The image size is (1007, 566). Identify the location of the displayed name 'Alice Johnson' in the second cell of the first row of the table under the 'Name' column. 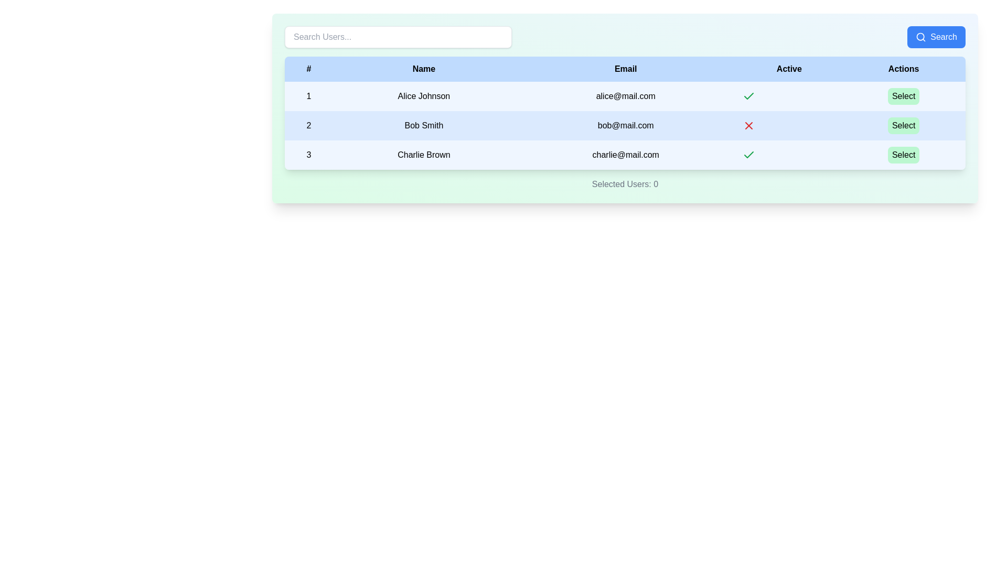
(424, 96).